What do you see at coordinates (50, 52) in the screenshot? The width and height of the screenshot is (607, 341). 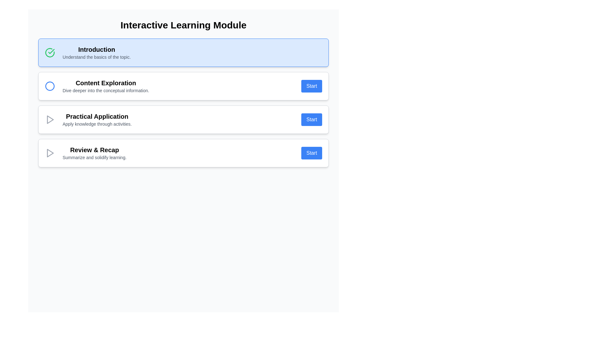 I see `the checkmark icon indicating the completion of the 'Introduction'` at bounding box center [50, 52].